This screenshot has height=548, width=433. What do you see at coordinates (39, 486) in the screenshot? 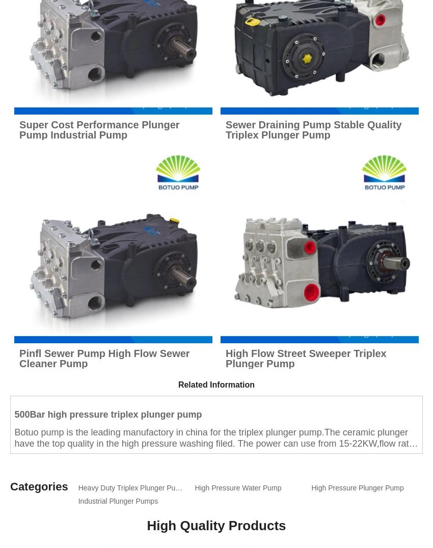
I see `'Categories'` at bounding box center [39, 486].